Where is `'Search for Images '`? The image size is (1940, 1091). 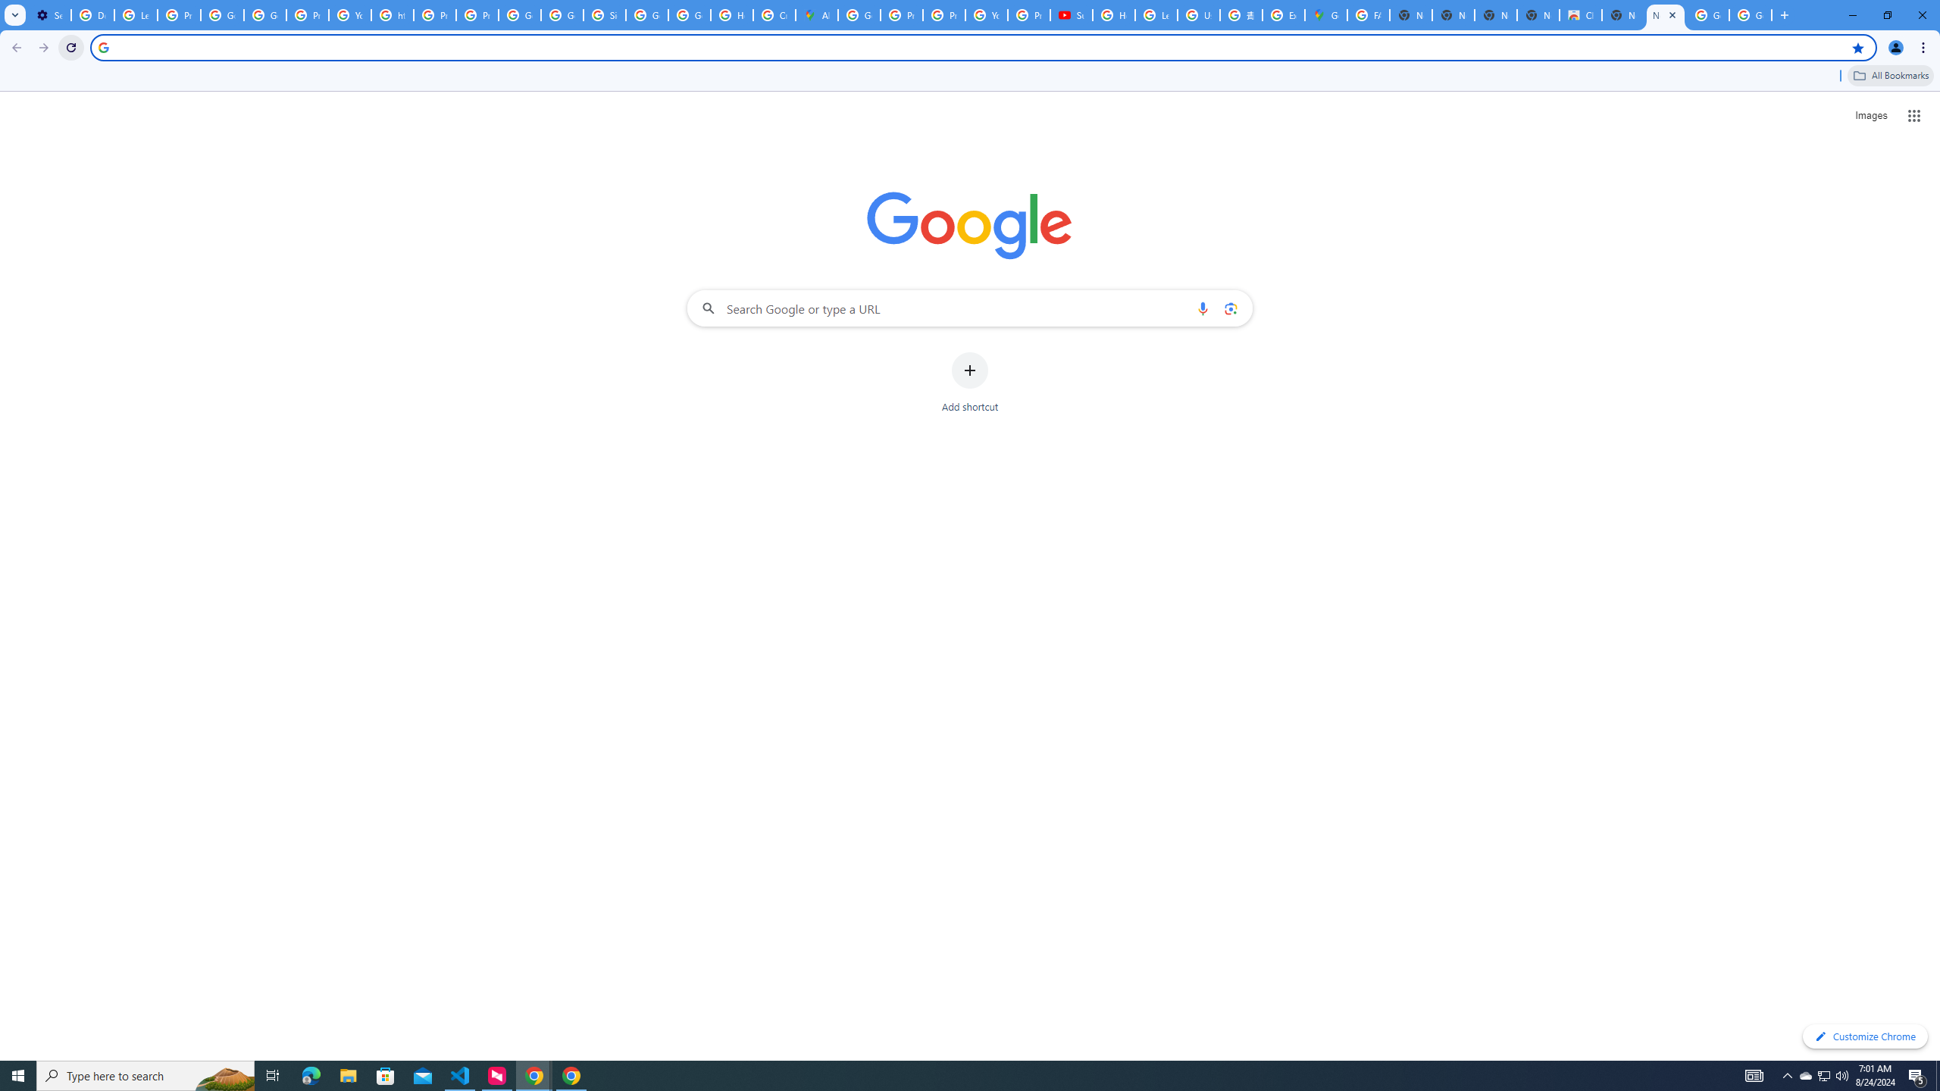 'Search for Images ' is located at coordinates (1871, 116).